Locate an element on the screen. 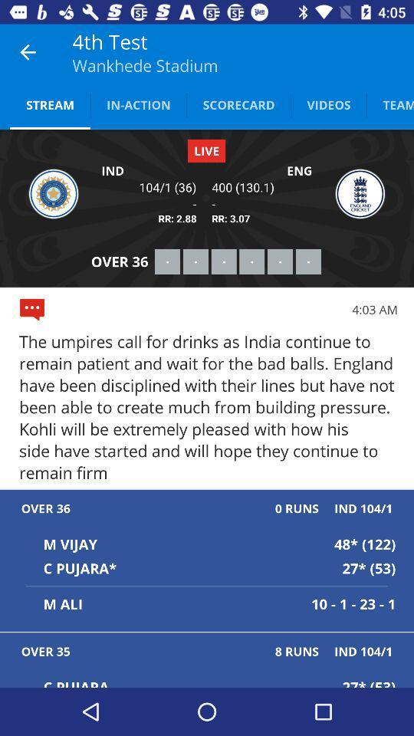 This screenshot has width=414, height=736. the icon below wankhede stadium icon is located at coordinates (138, 103).